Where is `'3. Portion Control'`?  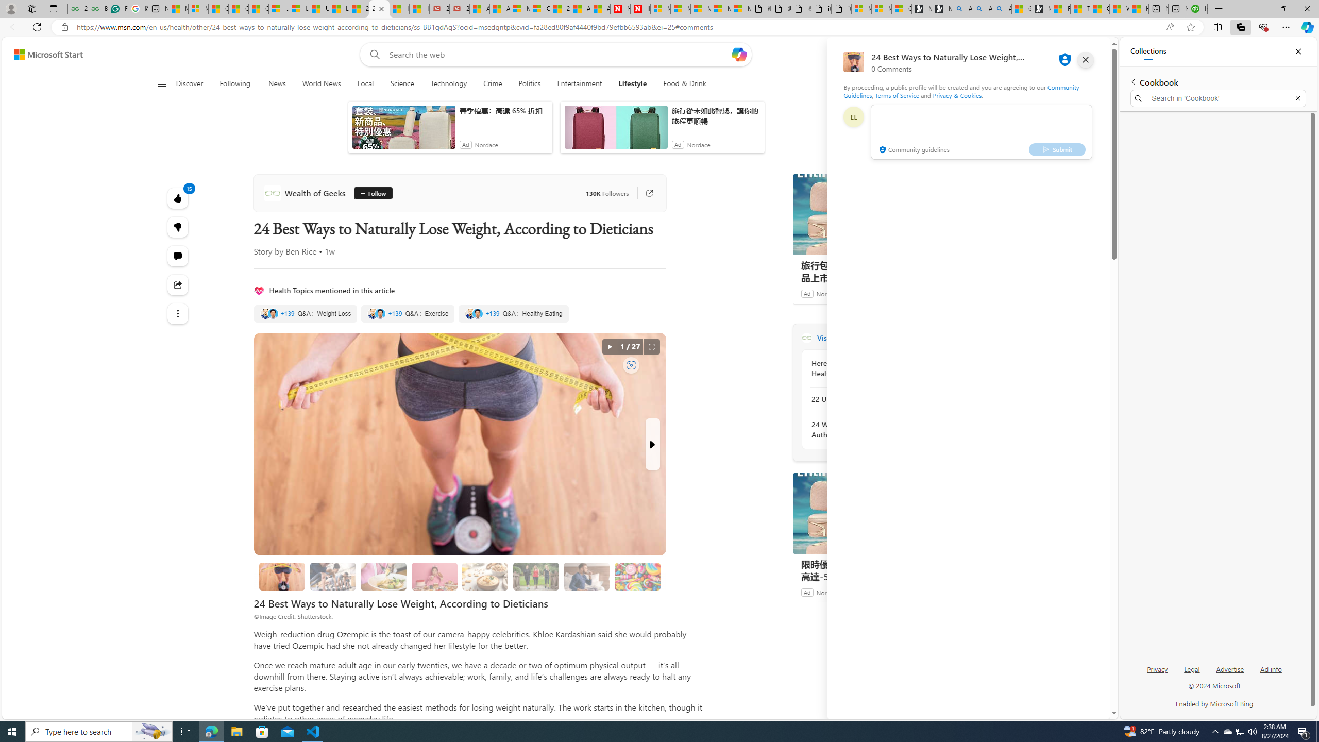 '3. Portion Control' is located at coordinates (434, 576).